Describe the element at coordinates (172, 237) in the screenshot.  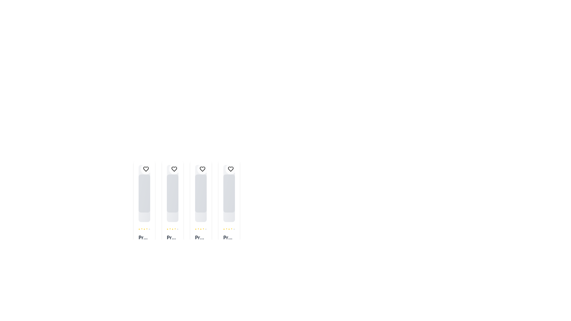
I see `the text display component that serves as a title or label for the product, located centrally within the card layout` at that location.